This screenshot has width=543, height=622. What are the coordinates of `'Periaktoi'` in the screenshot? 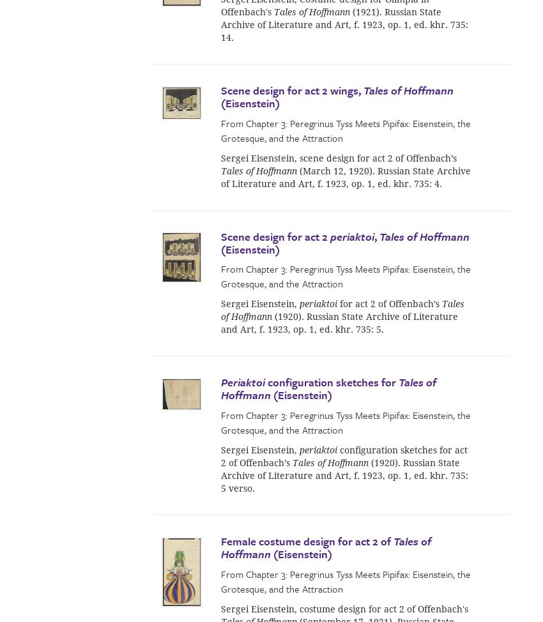 It's located at (242, 381).